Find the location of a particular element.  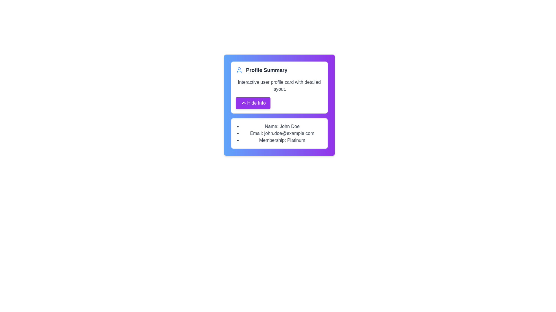

the Text block with list formatting that provides detailed information about the user, located at the bottom of the gradient-colored profile card below the 'Hide Info' button is located at coordinates (279, 133).